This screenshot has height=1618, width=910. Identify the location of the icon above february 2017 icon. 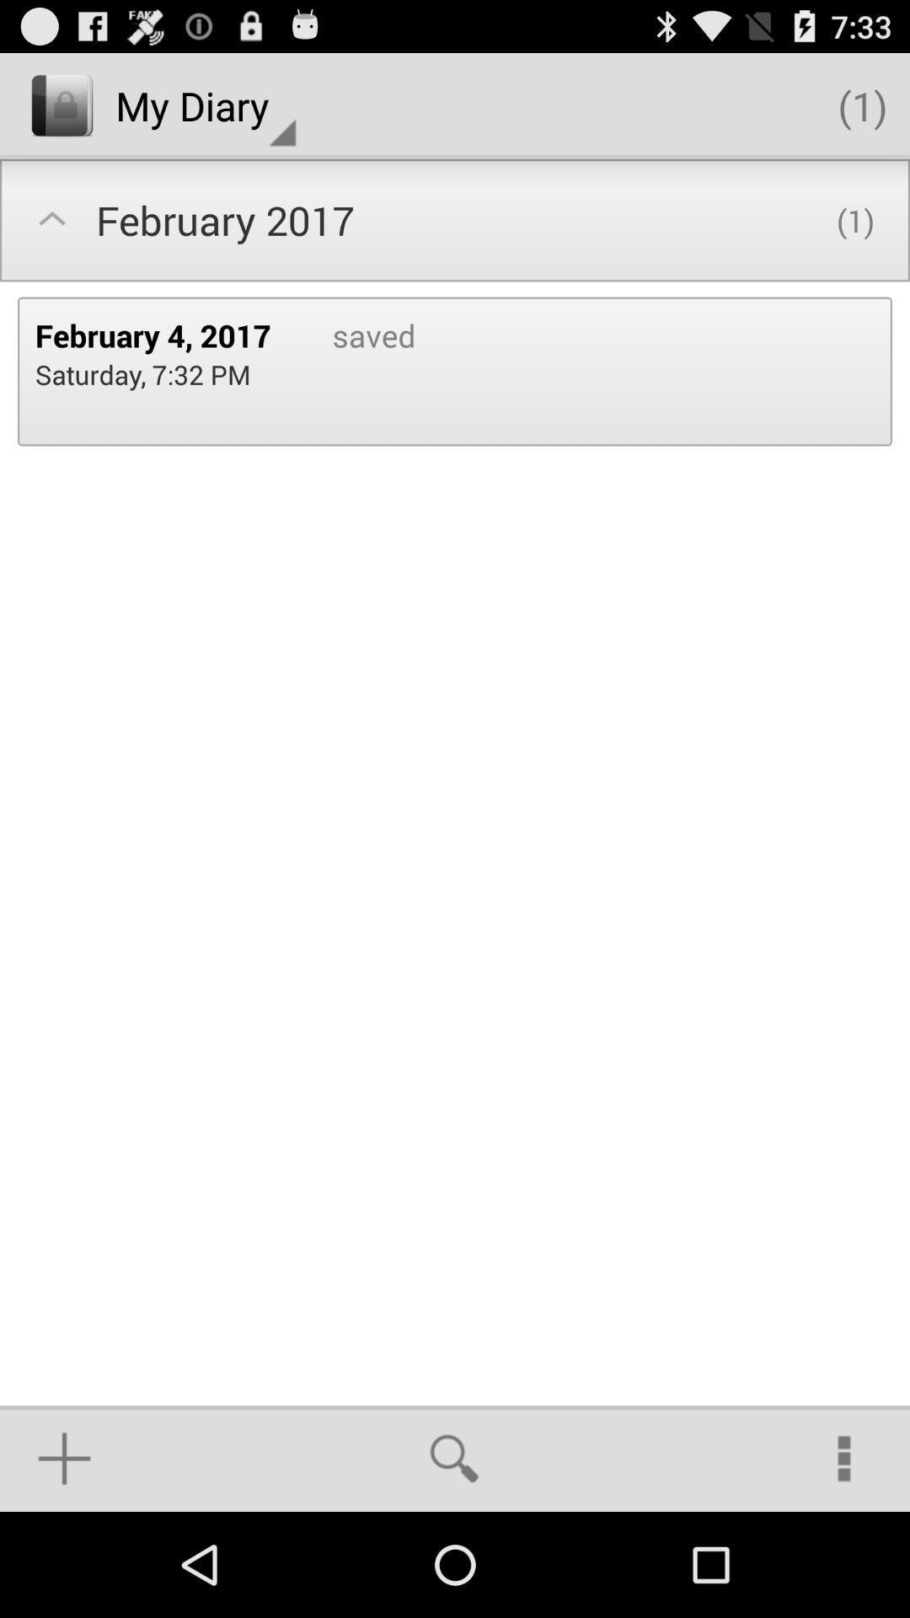
(205, 104).